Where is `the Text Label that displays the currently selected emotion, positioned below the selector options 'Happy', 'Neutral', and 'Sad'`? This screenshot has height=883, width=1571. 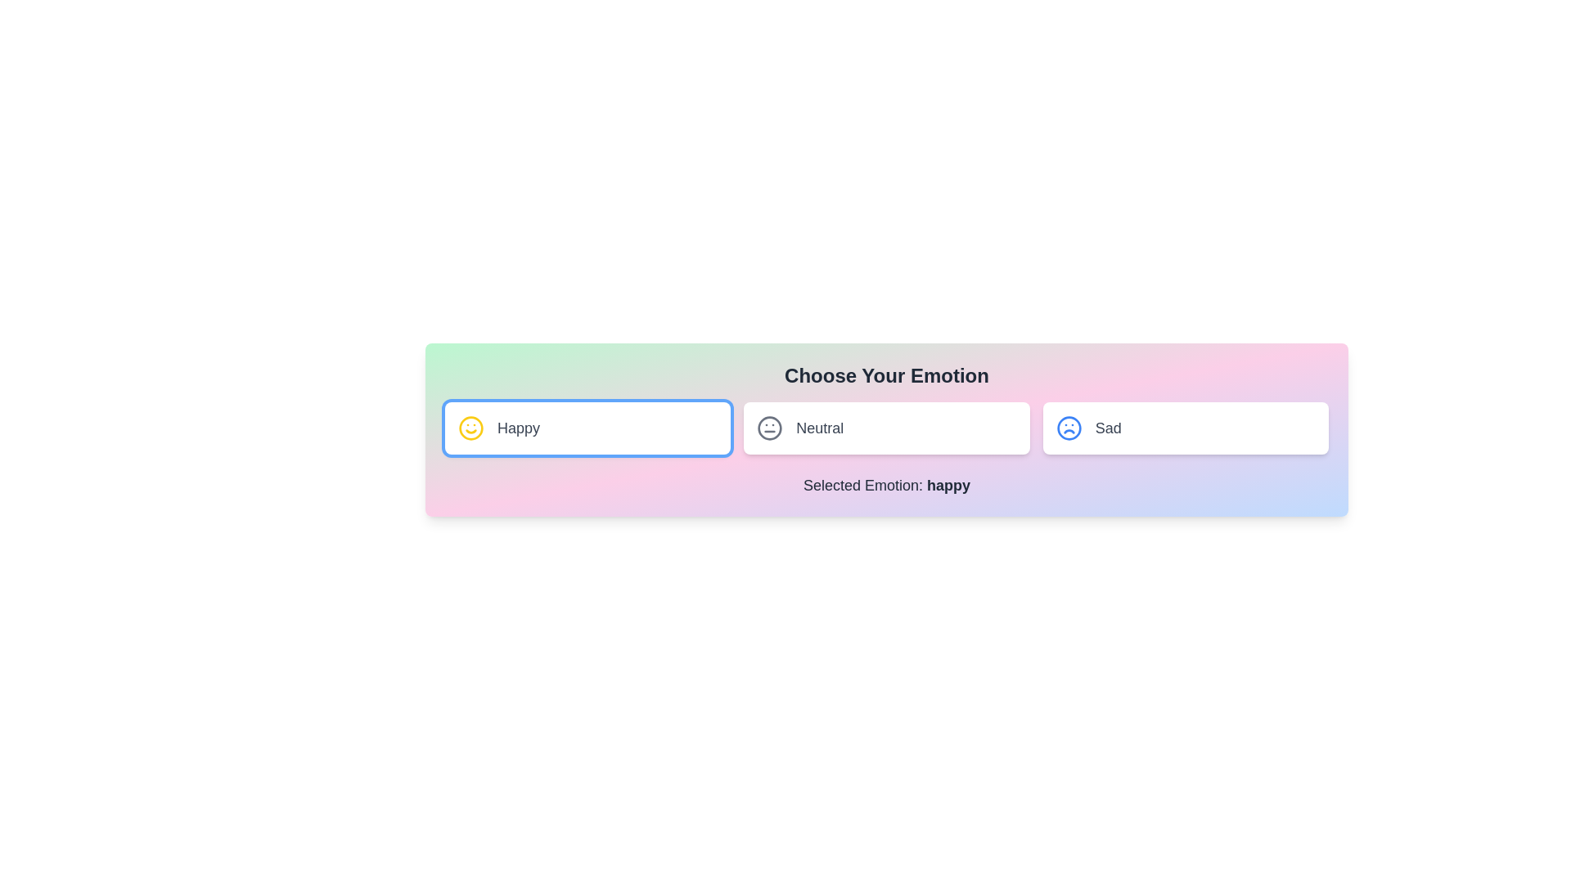
the Text Label that displays the currently selected emotion, positioned below the selector options 'Happy', 'Neutral', and 'Sad' is located at coordinates (886, 485).